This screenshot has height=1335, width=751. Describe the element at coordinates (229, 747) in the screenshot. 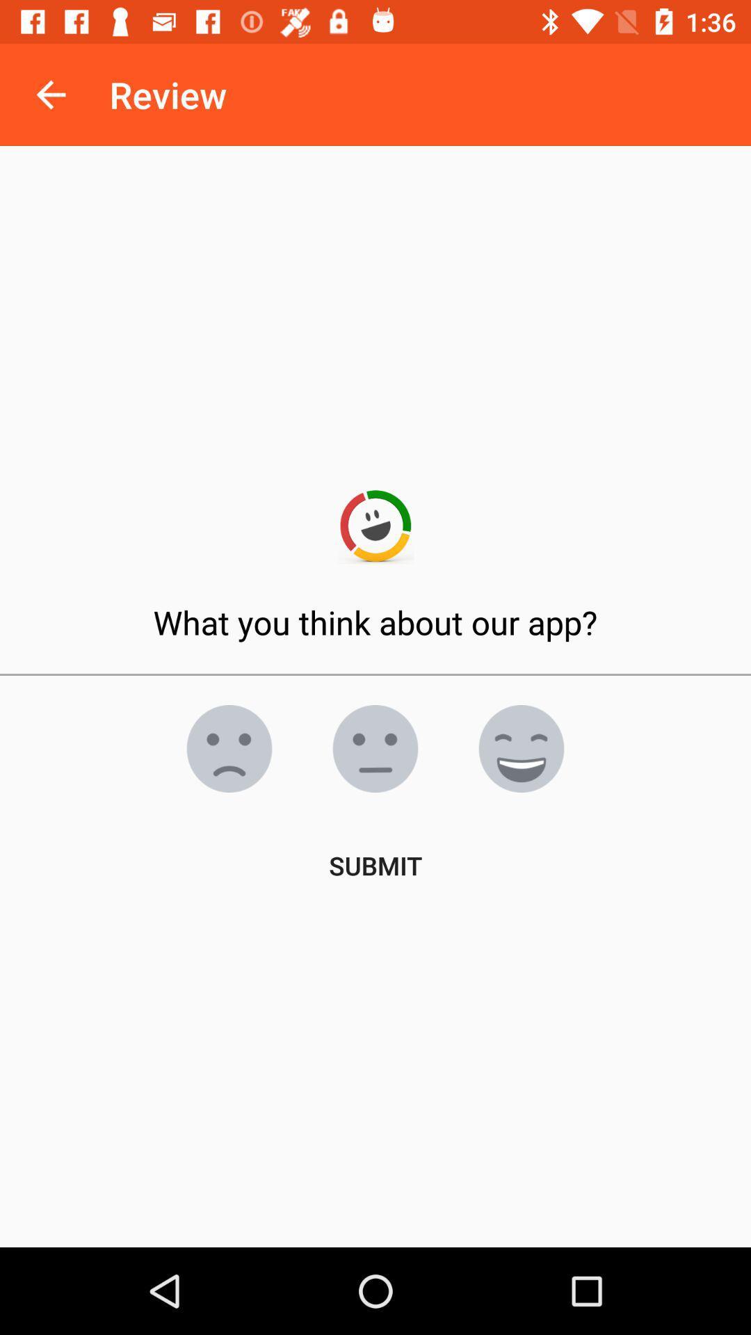

I see `not happy` at that location.